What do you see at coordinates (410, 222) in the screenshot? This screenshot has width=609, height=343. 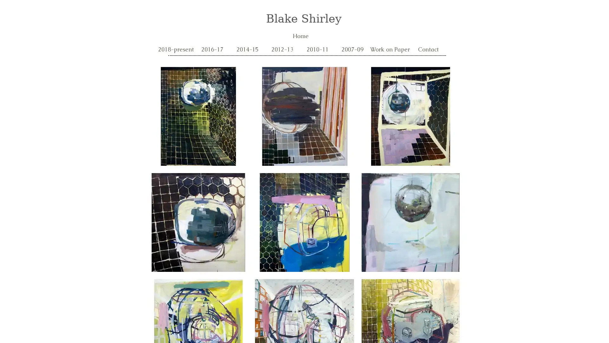 I see `DSC_0040.jpg` at bounding box center [410, 222].